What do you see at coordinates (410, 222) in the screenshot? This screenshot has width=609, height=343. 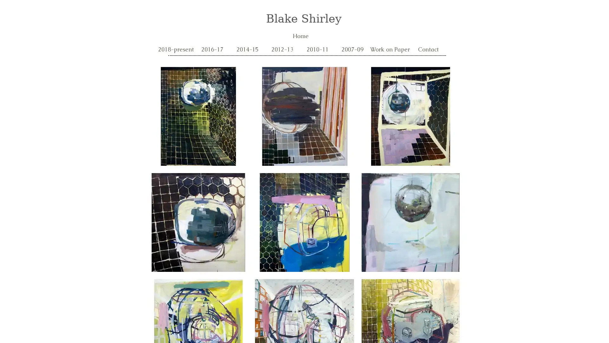 I see `DSC_0040.jpg` at bounding box center [410, 222].